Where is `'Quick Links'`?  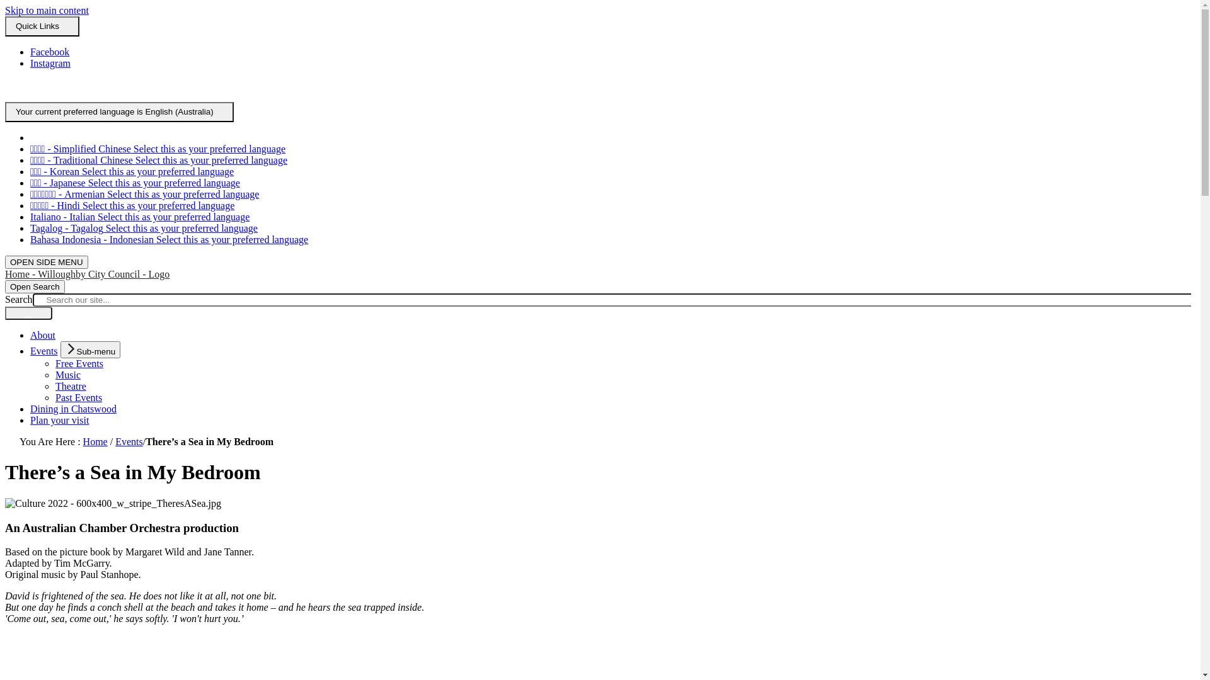
'Quick Links' is located at coordinates (42, 26).